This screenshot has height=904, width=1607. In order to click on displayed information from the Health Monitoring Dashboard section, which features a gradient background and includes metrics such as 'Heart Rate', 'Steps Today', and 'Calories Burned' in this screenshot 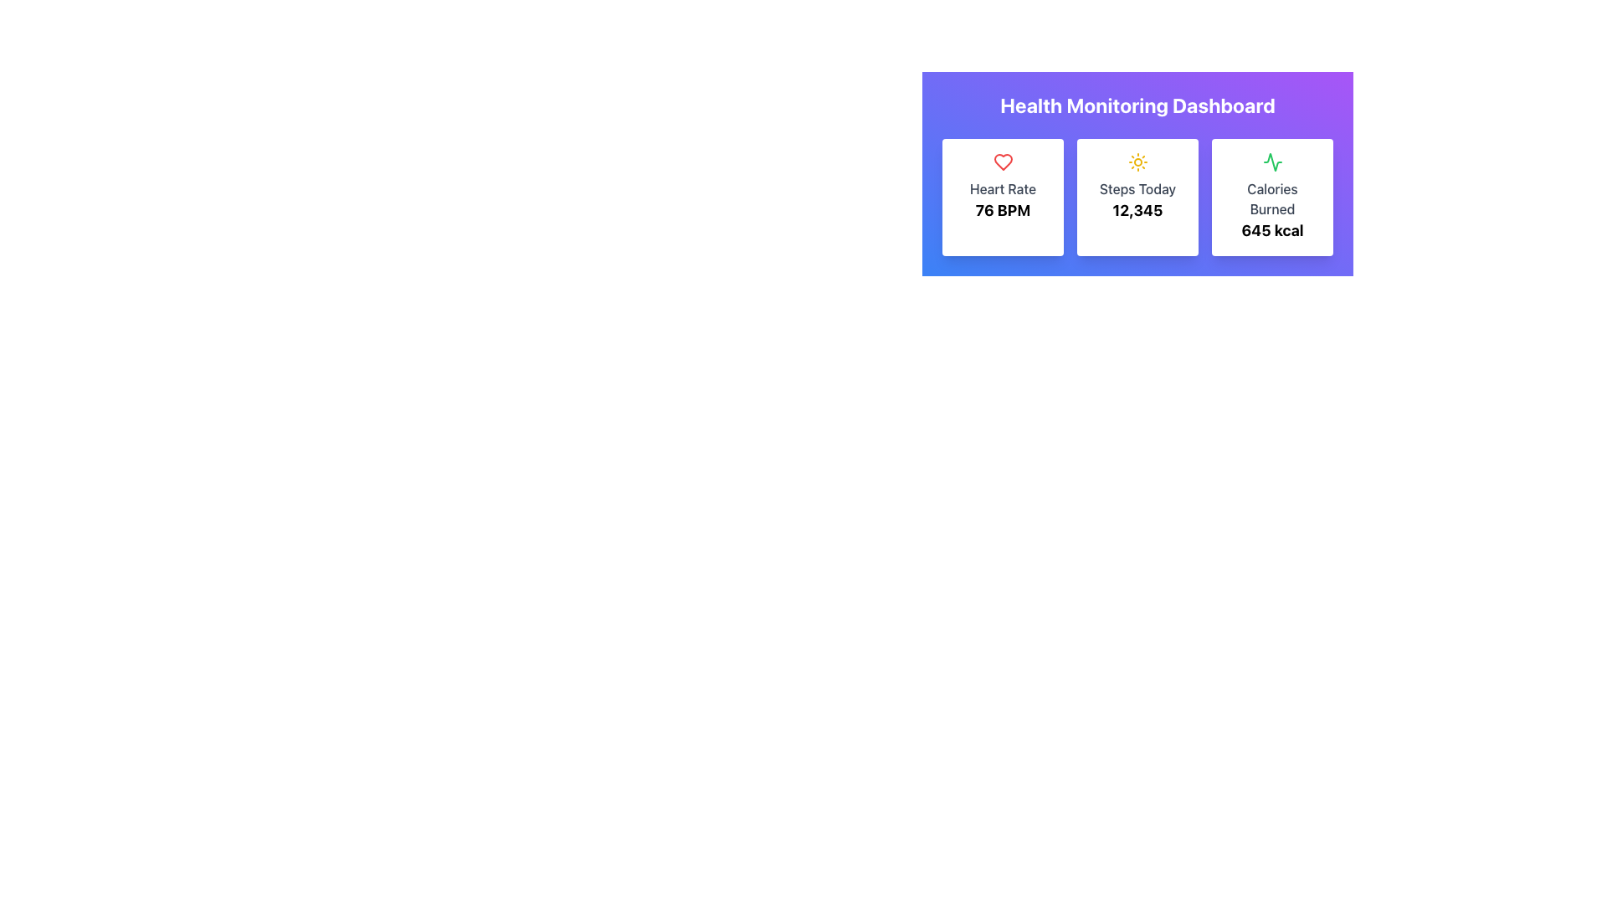, I will do `click(1137, 174)`.